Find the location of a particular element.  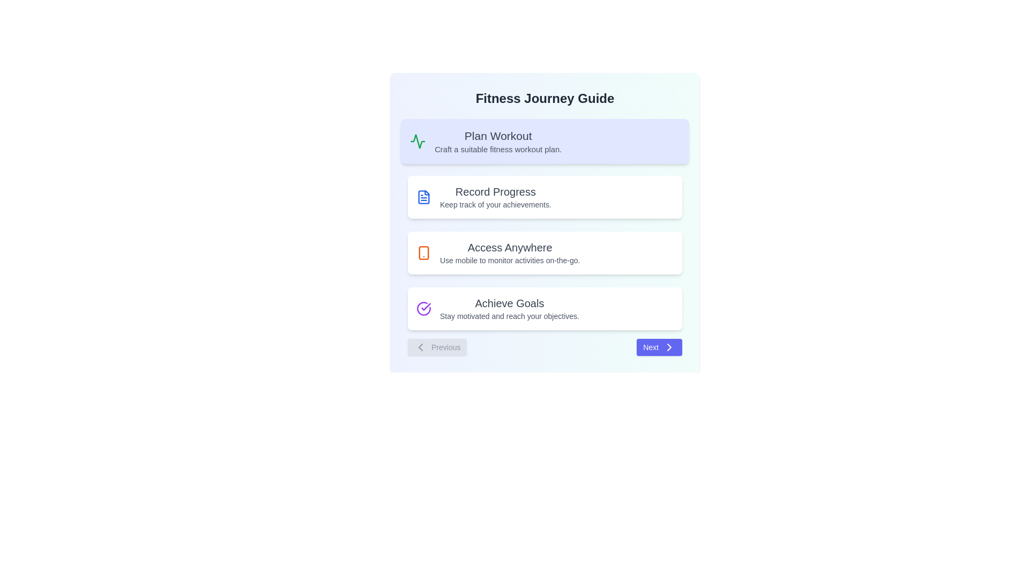

the third card element in the vertical list, which features a white background, a bold title 'Access Anywhere', and an orange device icon on the left is located at coordinates (545, 253).